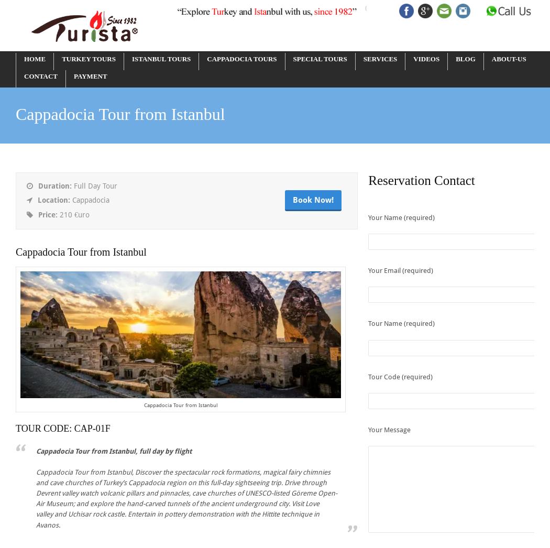 This screenshot has height=548, width=550. What do you see at coordinates (95, 184) in the screenshot?
I see `'Full Day Tour'` at bounding box center [95, 184].